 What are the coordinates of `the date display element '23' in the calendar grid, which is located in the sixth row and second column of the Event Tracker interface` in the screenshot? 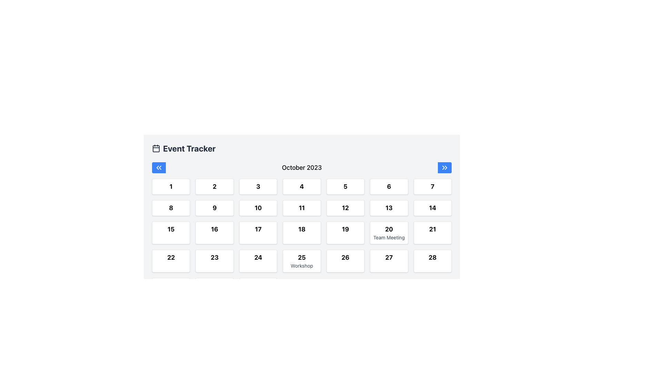 It's located at (214, 258).